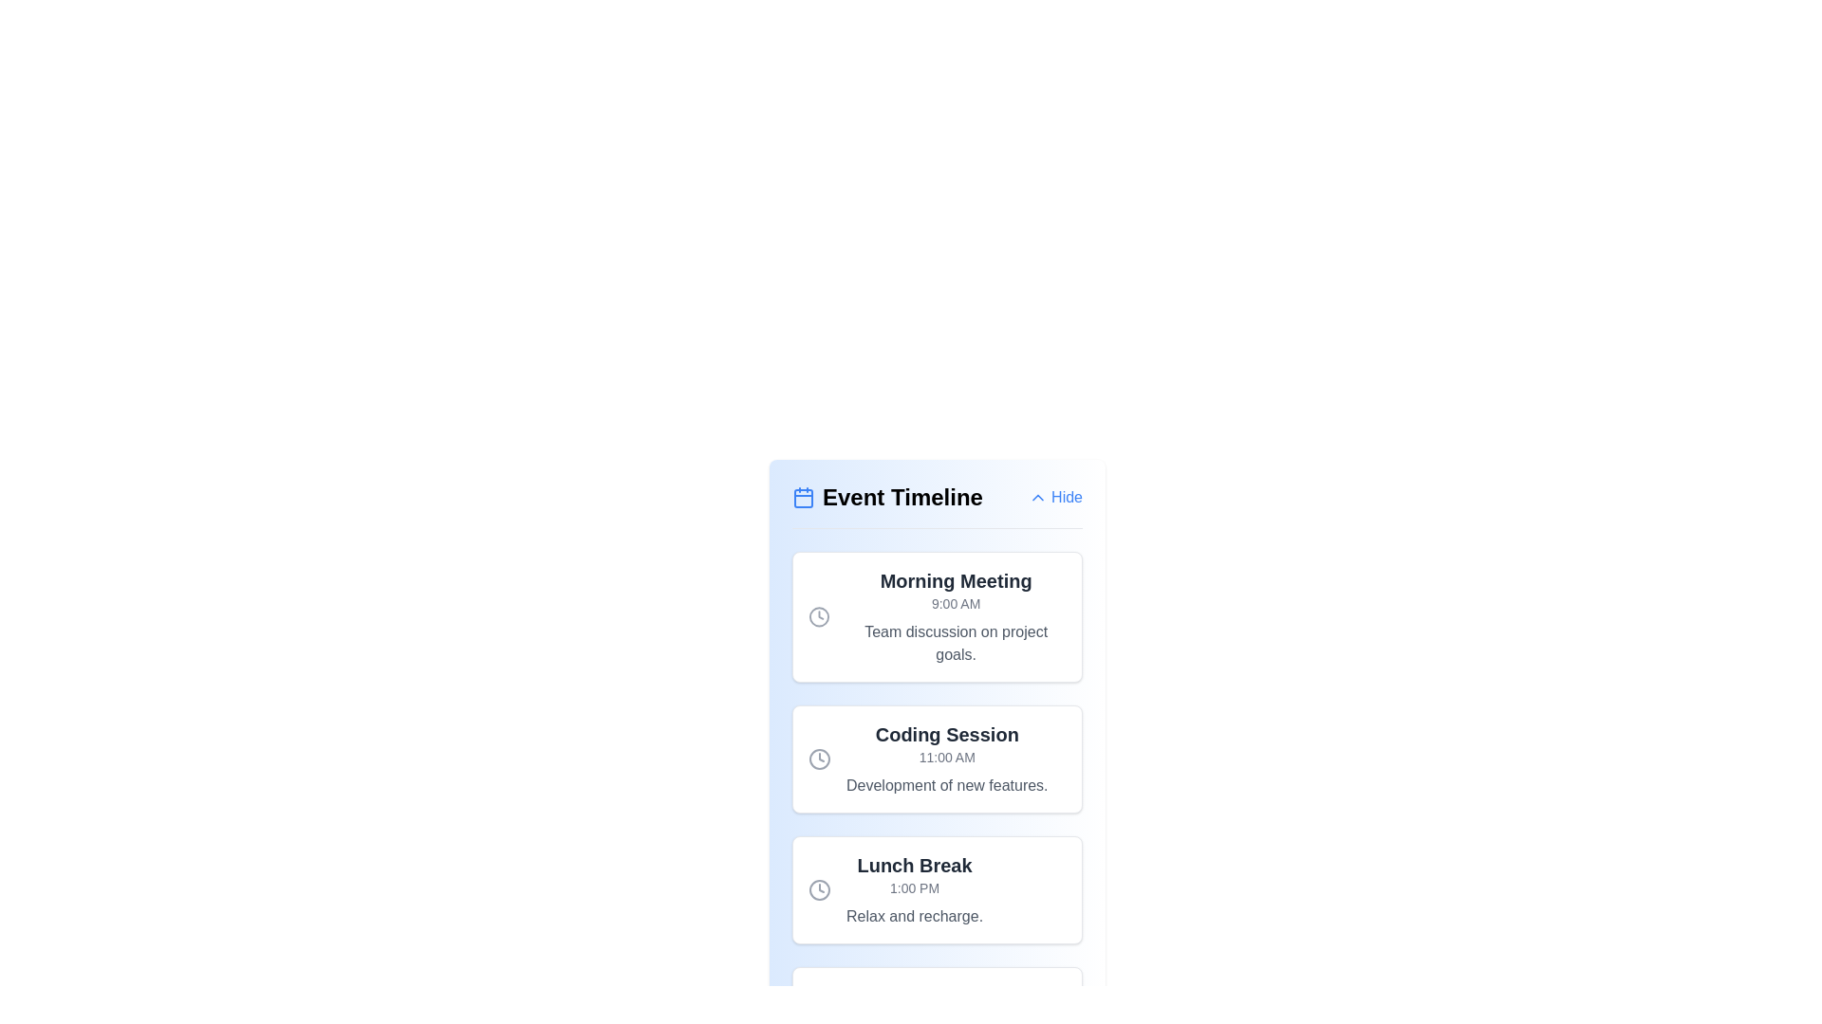  Describe the element at coordinates (956, 617) in the screenshot. I see `text of the event section titled 'Morning Meeting' which includes the time '9:00 AM' and the description 'Team discussion on project goals.'` at that location.